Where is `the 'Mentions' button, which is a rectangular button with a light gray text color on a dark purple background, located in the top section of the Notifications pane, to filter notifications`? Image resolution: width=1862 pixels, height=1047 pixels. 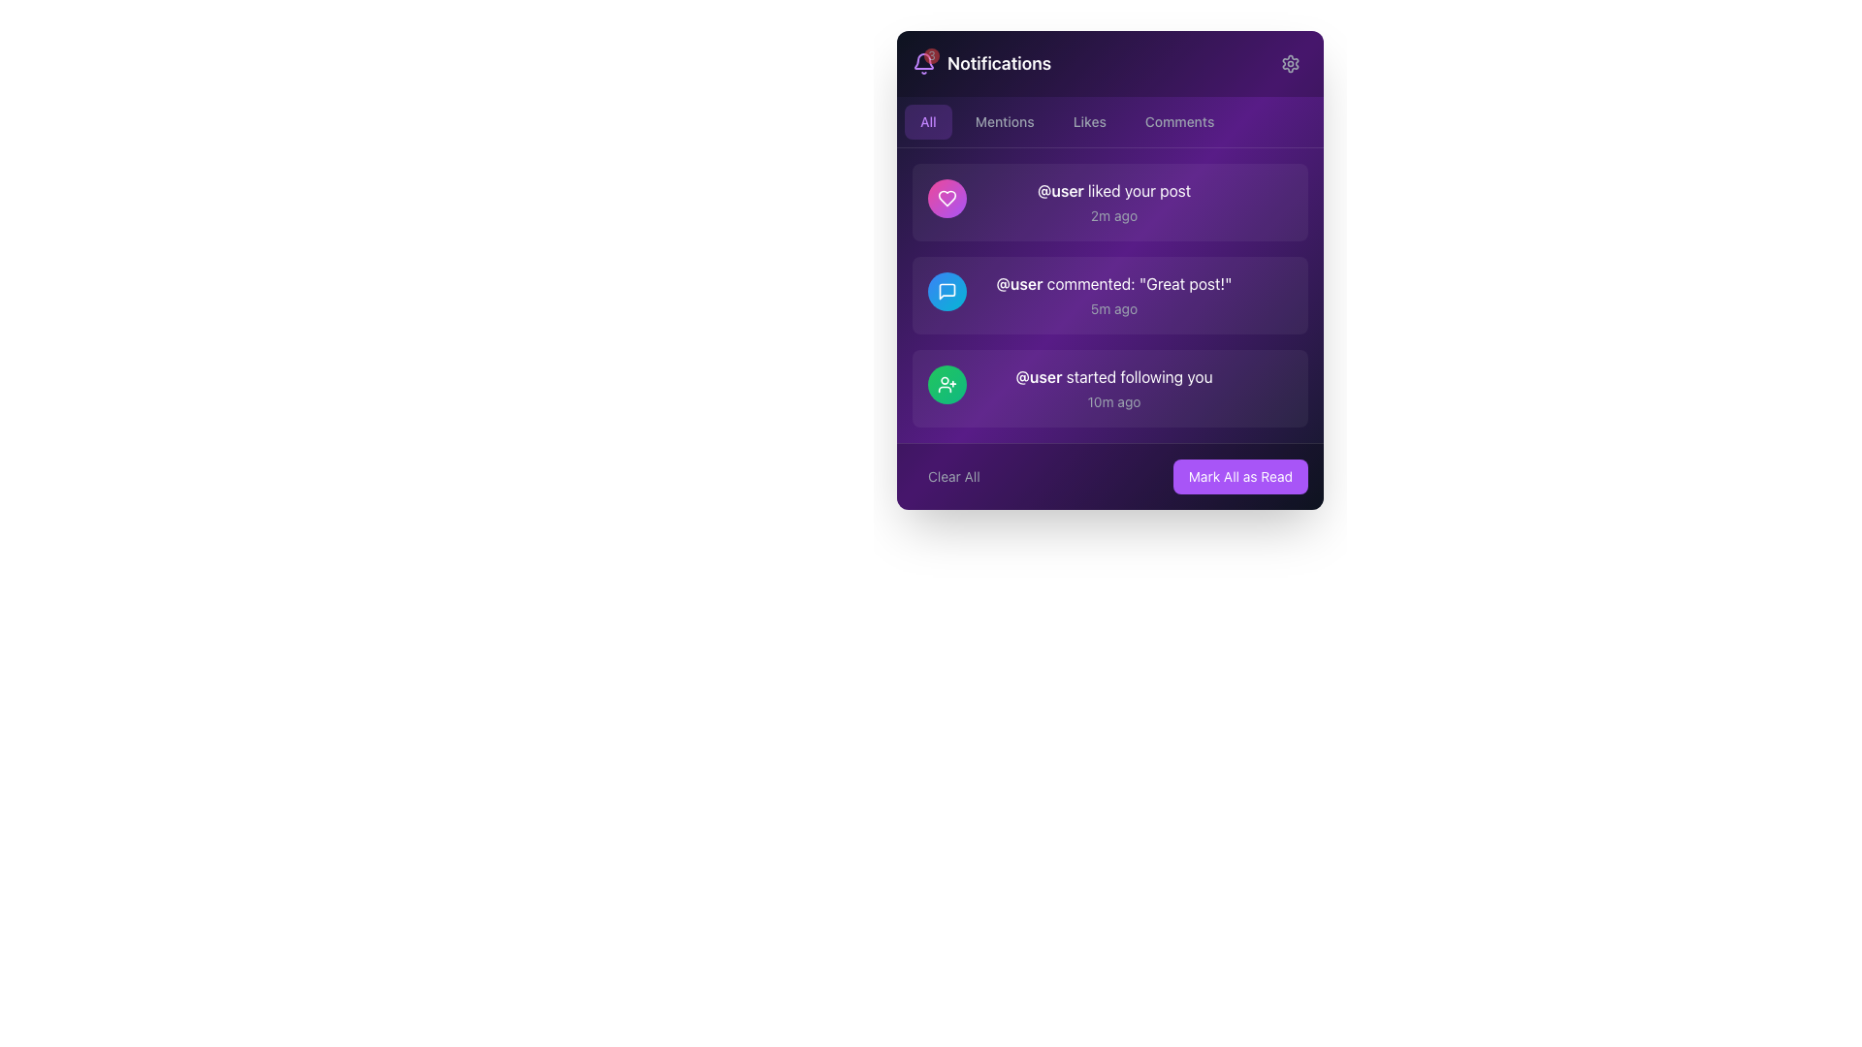
the 'Mentions' button, which is a rectangular button with a light gray text color on a dark purple background, located in the top section of the Notifications pane, to filter notifications is located at coordinates (1005, 122).